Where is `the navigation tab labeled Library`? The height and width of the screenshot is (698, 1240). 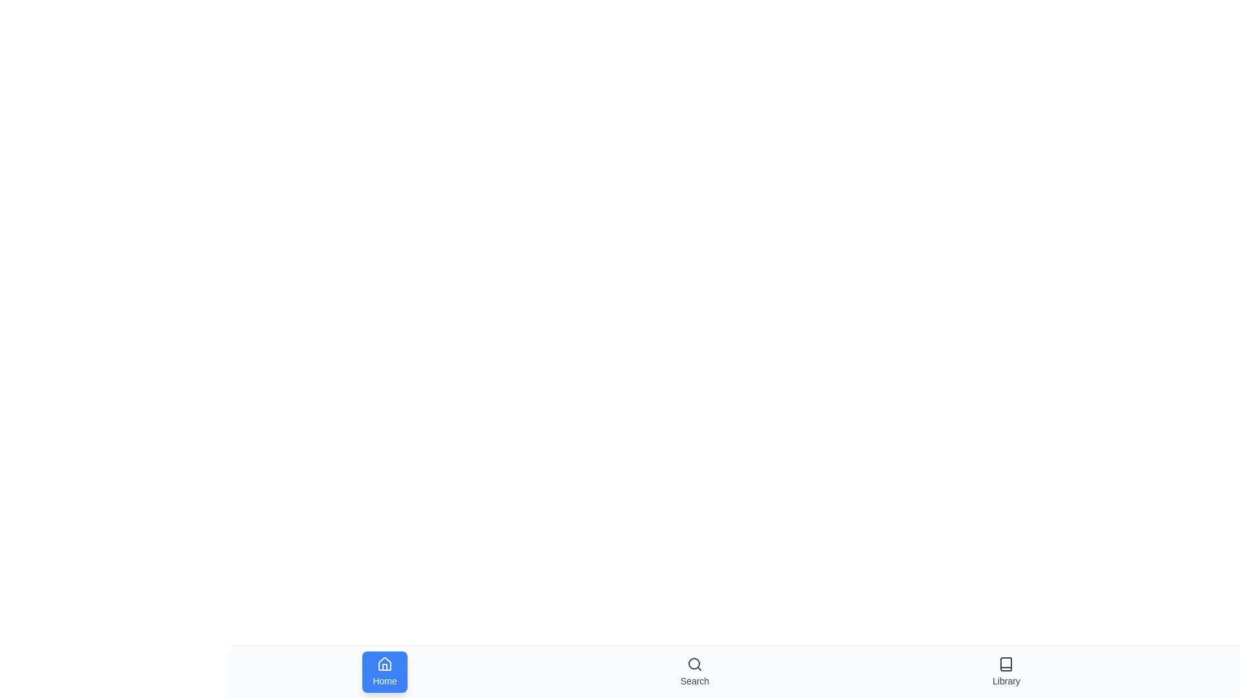 the navigation tab labeled Library is located at coordinates (1006, 672).